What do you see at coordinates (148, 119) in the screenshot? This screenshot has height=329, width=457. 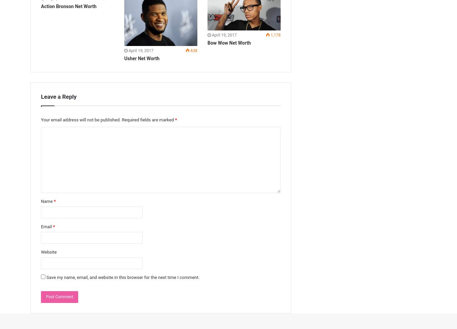 I see `'Required fields are marked'` at bounding box center [148, 119].